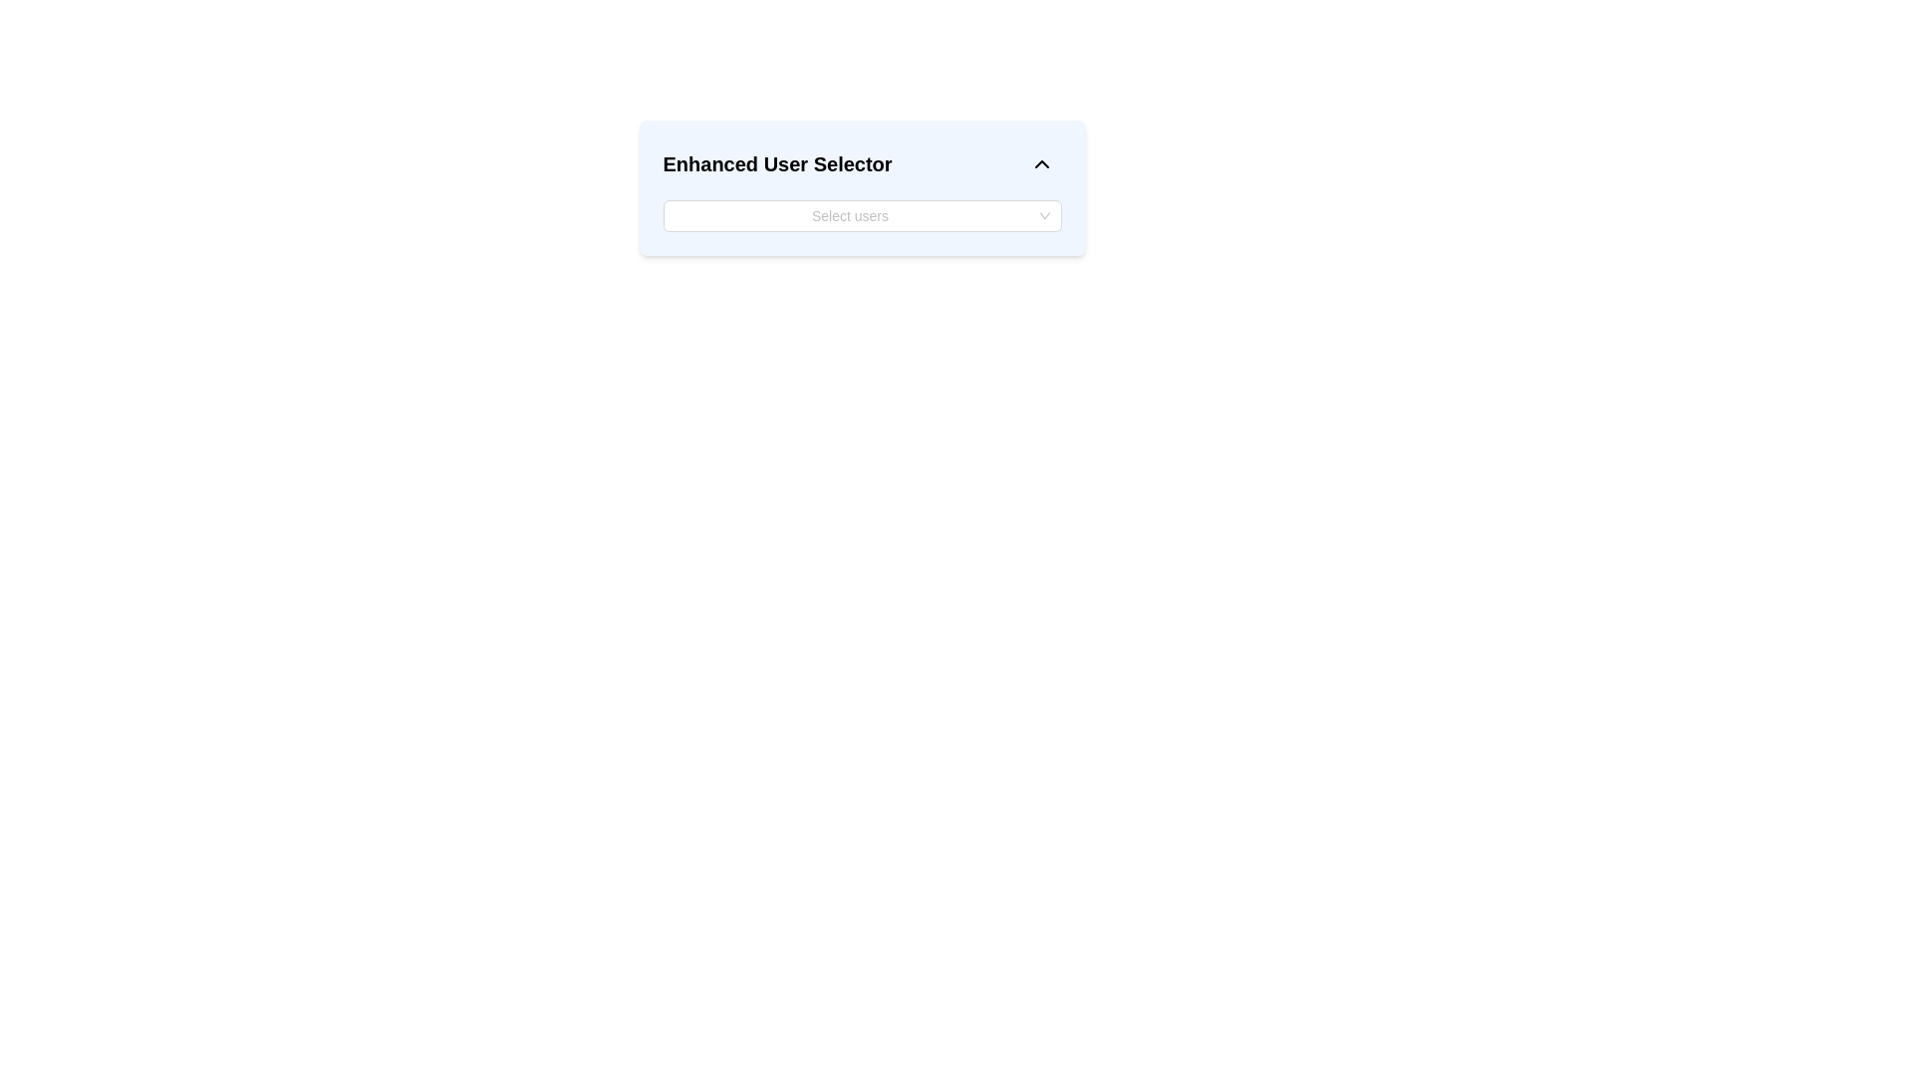 This screenshot has height=1076, width=1913. I want to click on the dropdown menu labeled 'Select users' located below the title 'Enhanced User Selector', so click(862, 215).